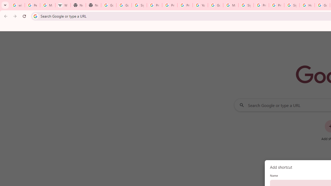  What do you see at coordinates (78, 5) in the screenshot?
I see `'New Tab'` at bounding box center [78, 5].